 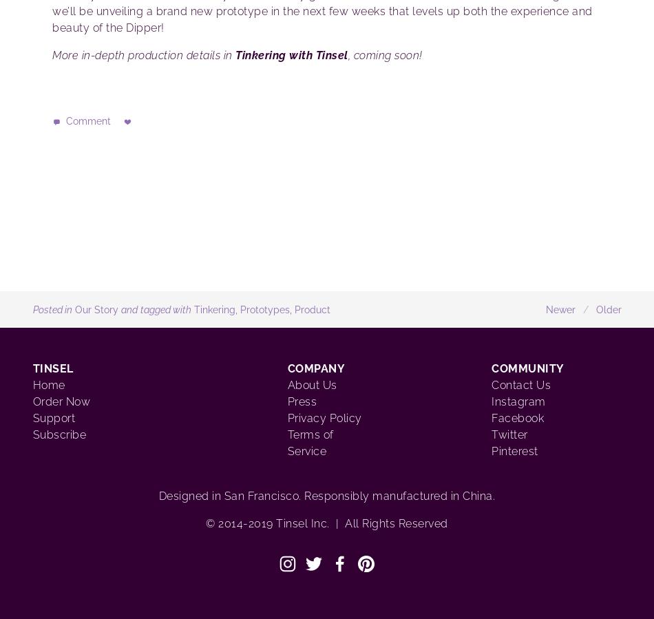 What do you see at coordinates (559, 308) in the screenshot?
I see `'Newer'` at bounding box center [559, 308].